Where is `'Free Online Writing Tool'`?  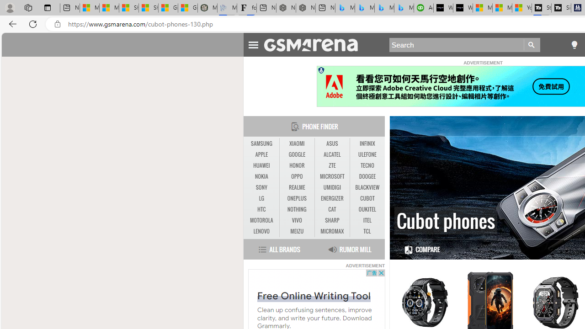 'Free Online Writing Tool' is located at coordinates (314, 295).